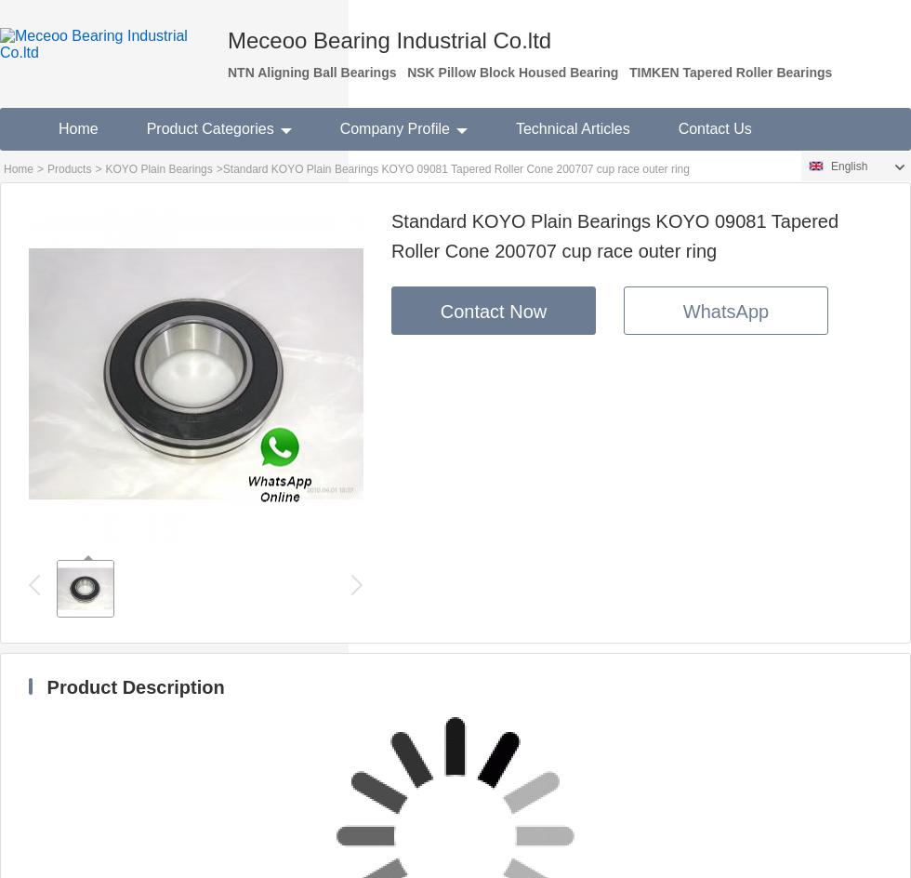 The image size is (911, 878). What do you see at coordinates (311, 71) in the screenshot?
I see `'NTN Aligning Ball Bearings'` at bounding box center [311, 71].